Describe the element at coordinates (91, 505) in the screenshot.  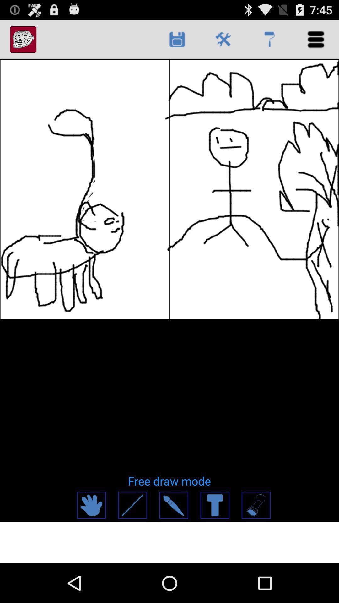
I see `move drawing` at that location.